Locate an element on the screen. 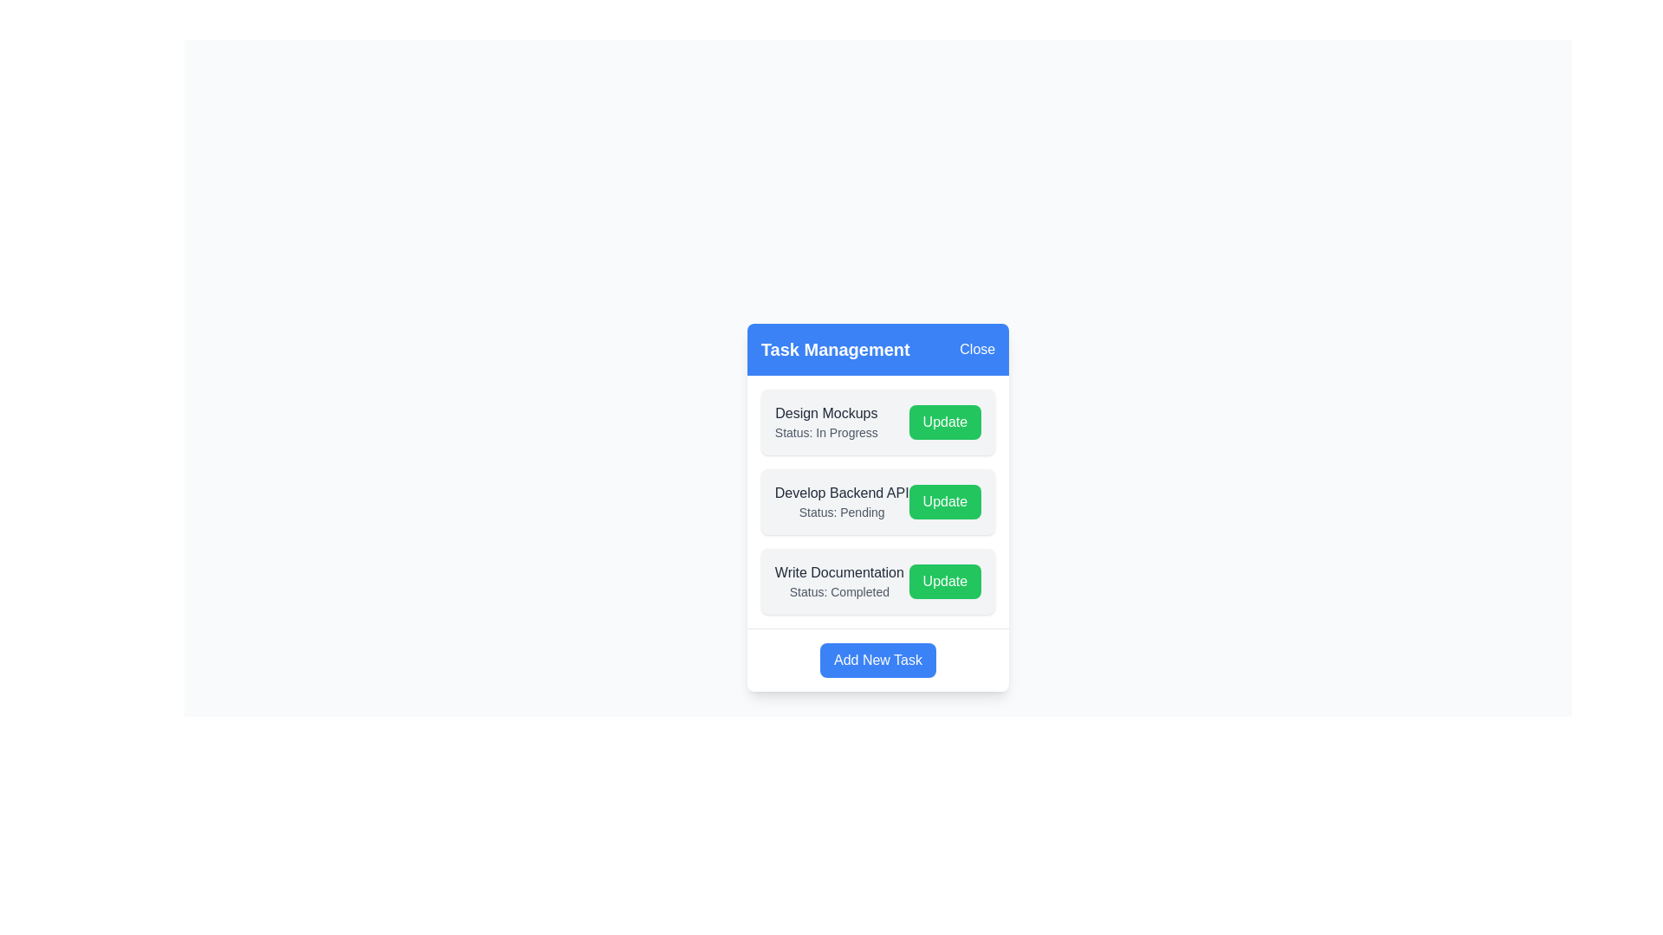 This screenshot has width=1663, height=935. the task name 'Design Mockups' to select its text is located at coordinates (825, 413).